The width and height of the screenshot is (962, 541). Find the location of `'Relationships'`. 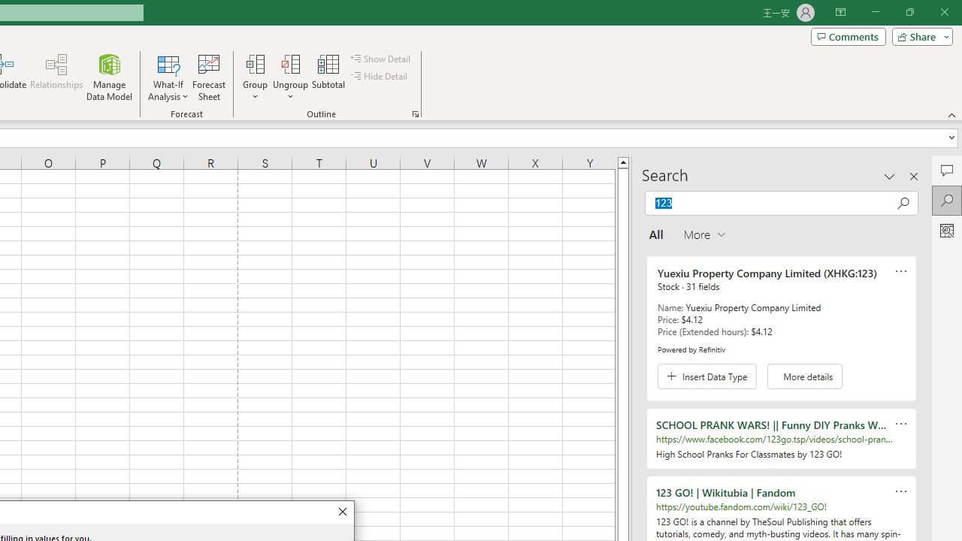

'Relationships' is located at coordinates (56, 77).